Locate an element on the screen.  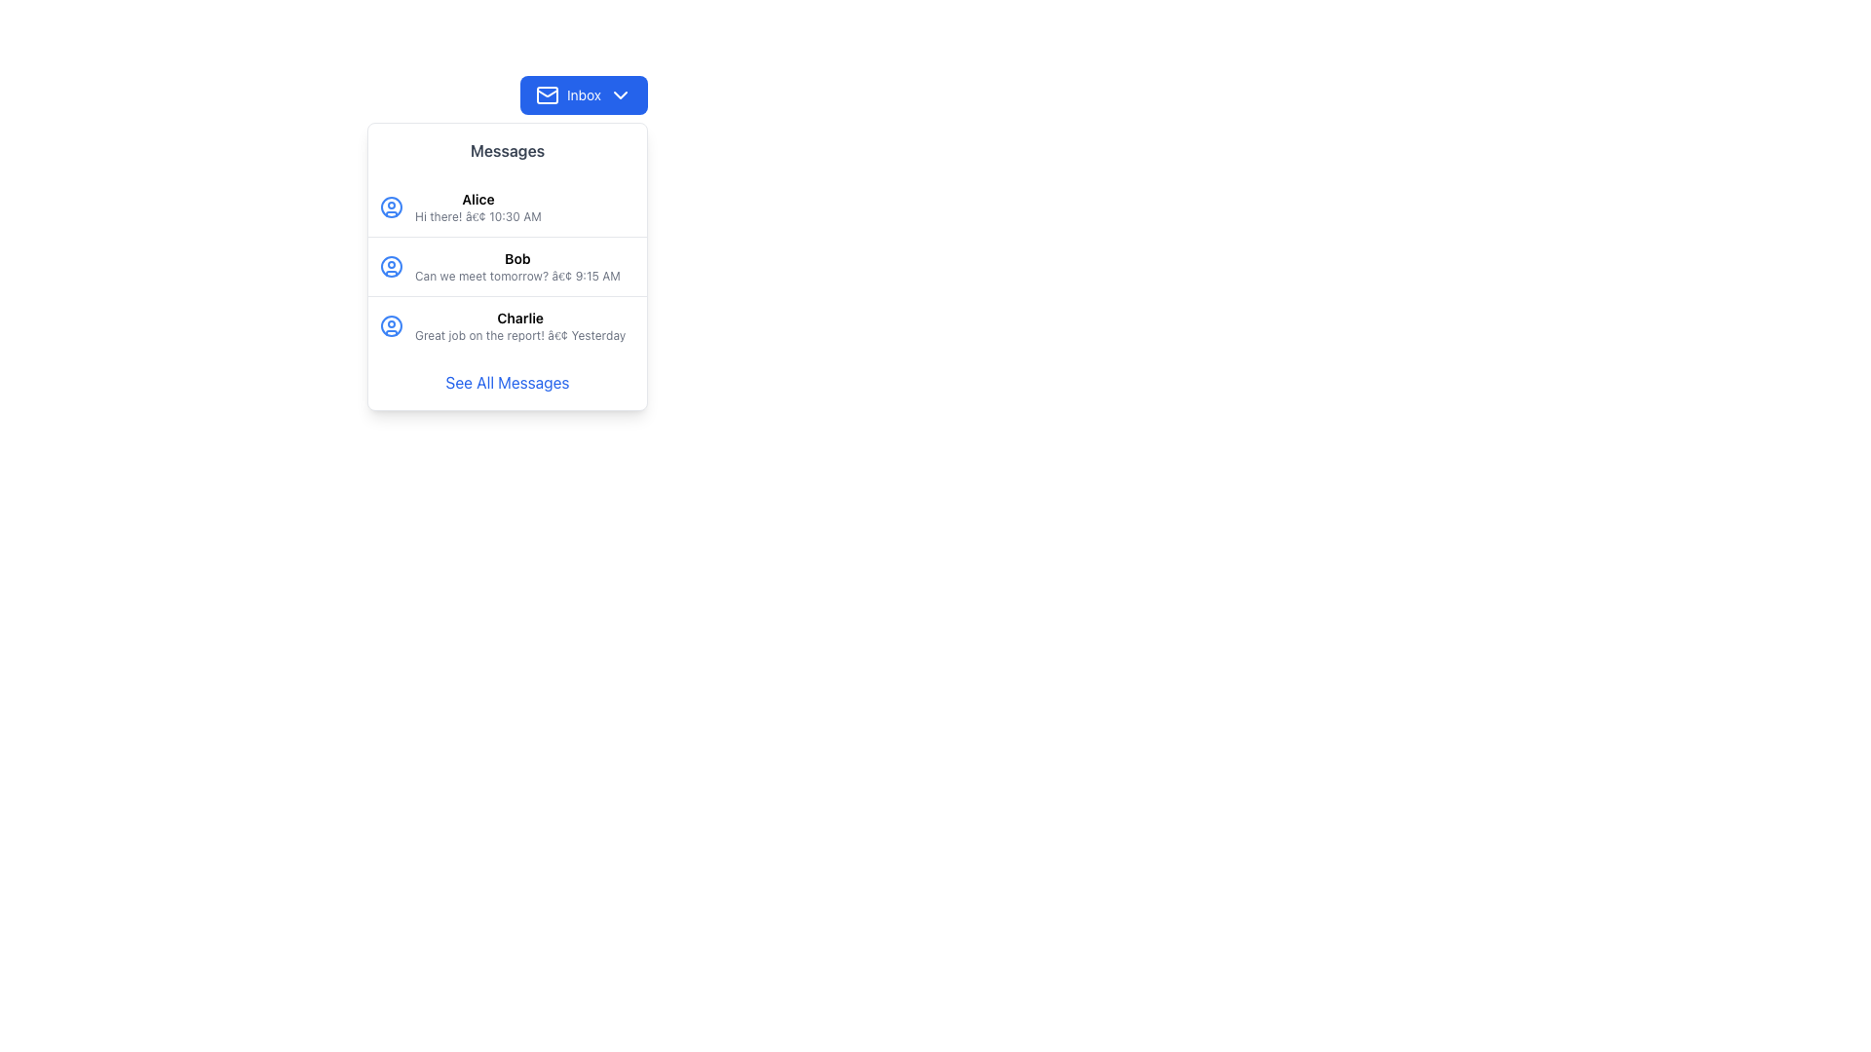
the downward-facing chevron icon, which is styled in white and positioned to the right of the 'Inbox' label inside a blue button is located at coordinates (620, 94).